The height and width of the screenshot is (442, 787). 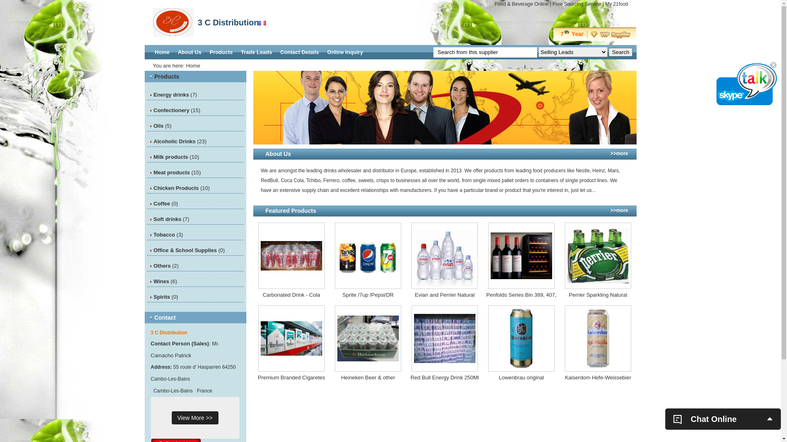 What do you see at coordinates (598, 377) in the screenshot?
I see `'Kaiserdom Hefe-Weissebier'` at bounding box center [598, 377].